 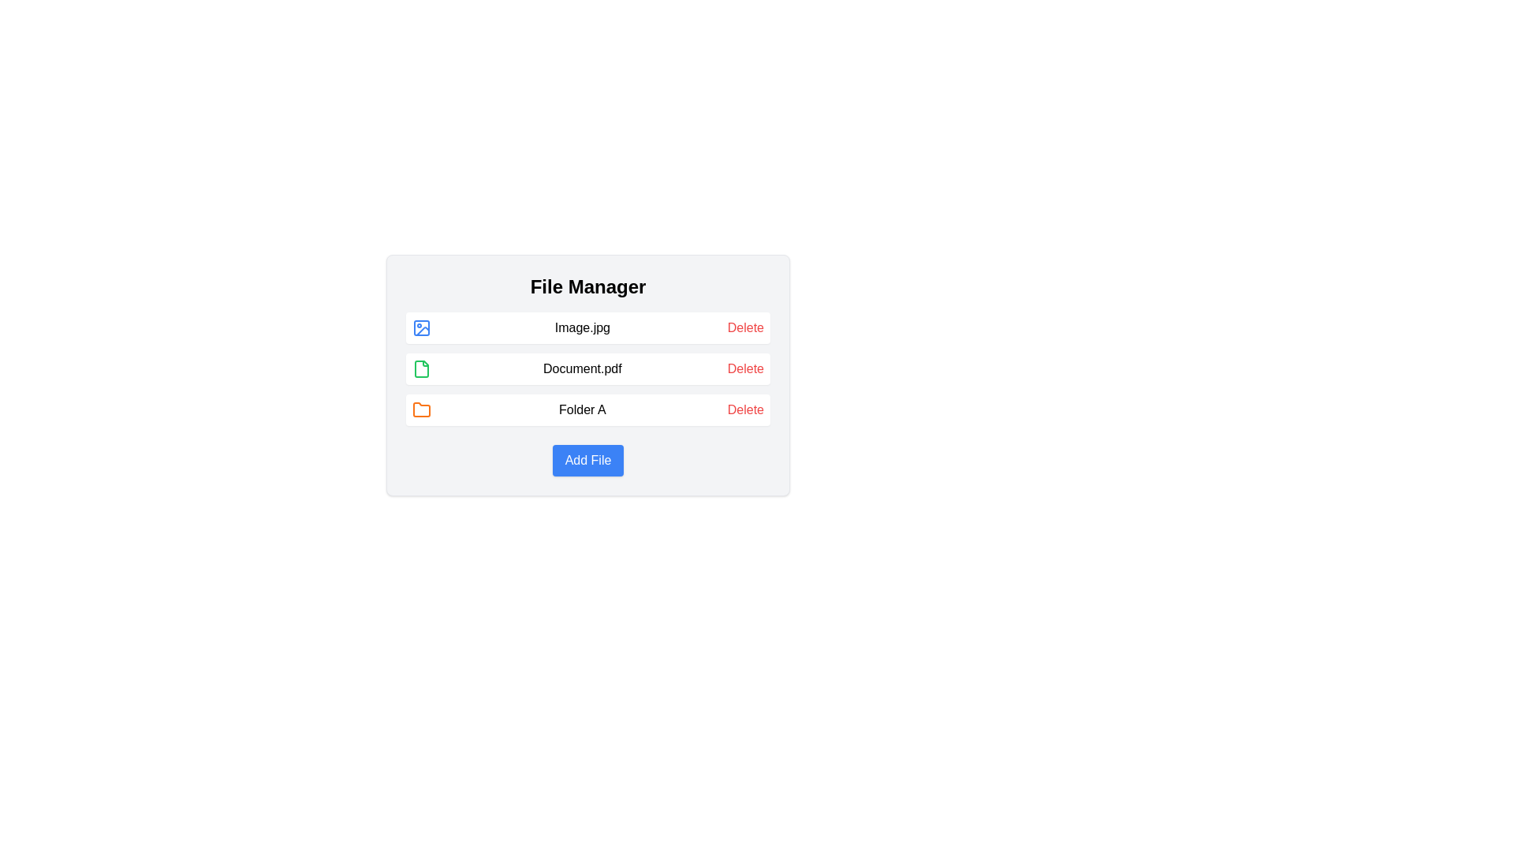 I want to click on the text label displaying 'Image.jpg', which is centrally positioned in the first row of items in the file manager interface, between an image icon and a 'Delete' link, so click(x=581, y=327).